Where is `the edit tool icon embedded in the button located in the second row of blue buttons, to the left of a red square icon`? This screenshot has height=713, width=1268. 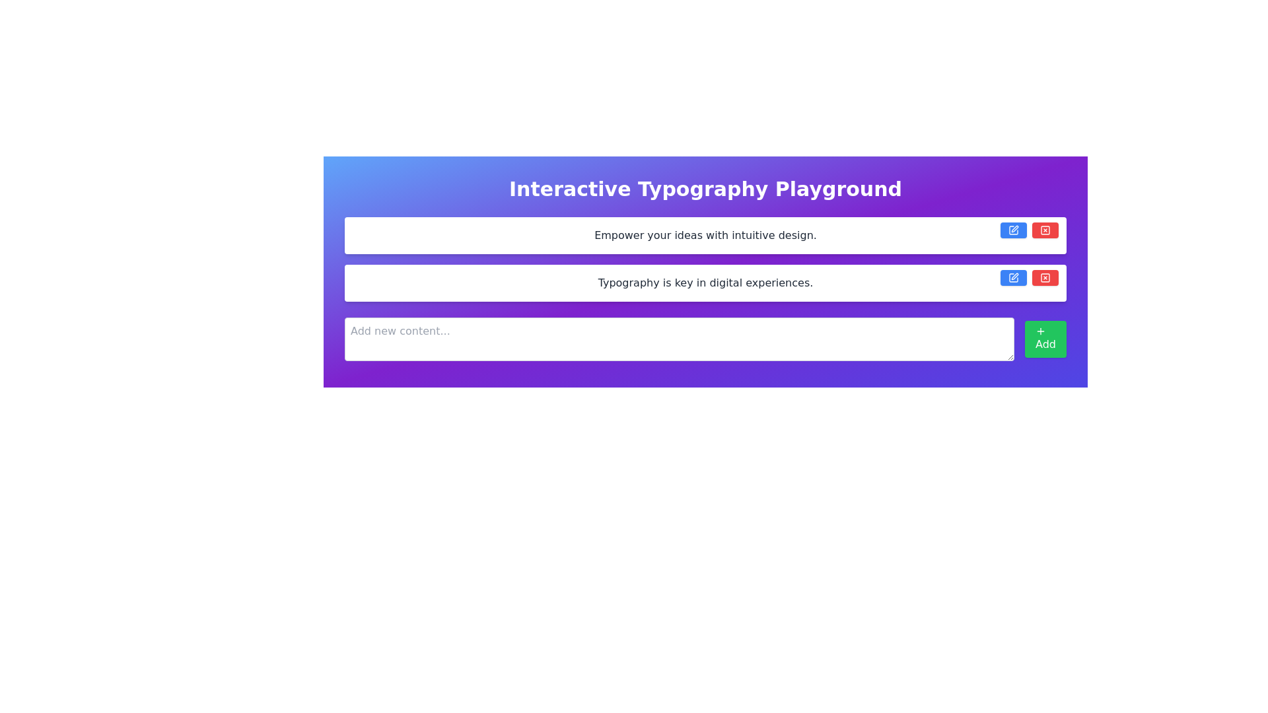 the edit tool icon embedded in the button located in the second row of blue buttons, to the left of a red square icon is located at coordinates (1013, 277).